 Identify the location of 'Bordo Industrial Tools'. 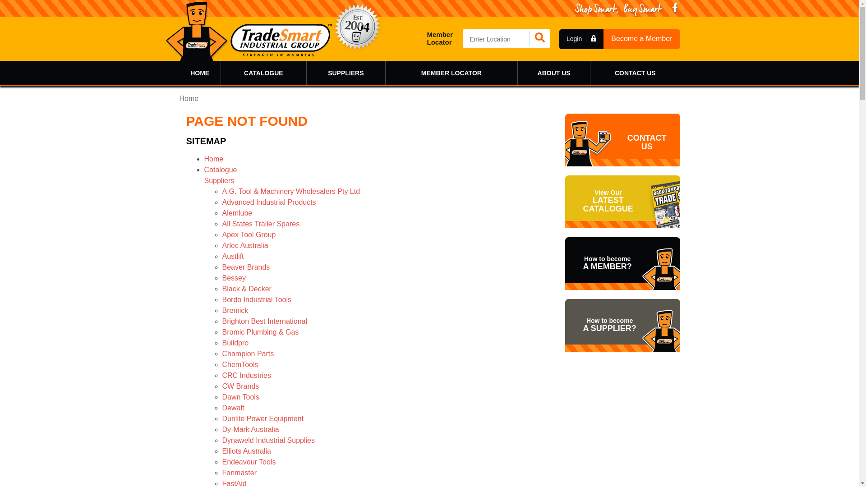
(256, 299).